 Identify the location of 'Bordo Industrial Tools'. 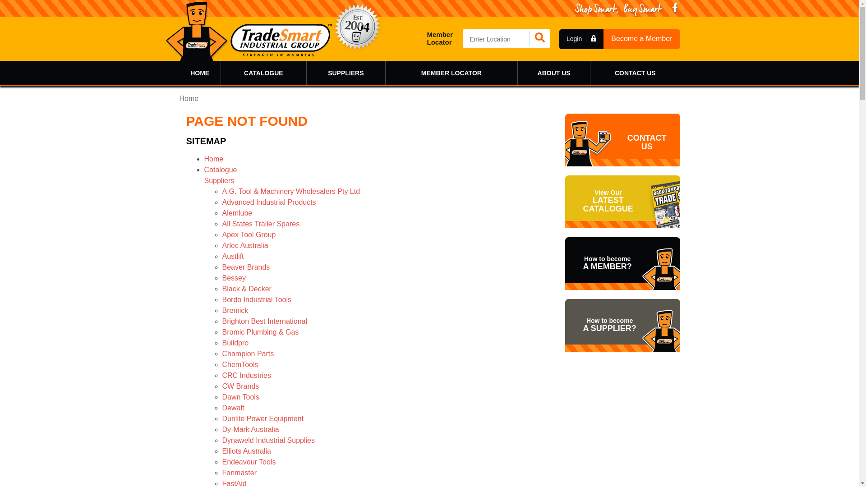
(256, 299).